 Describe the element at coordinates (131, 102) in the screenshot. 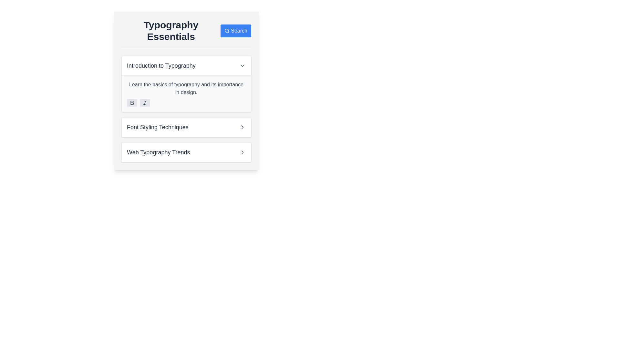

I see `the gray button with a bold 'B' icon to apply bold formatting, located under the 'Introduction to Typography' section` at that location.